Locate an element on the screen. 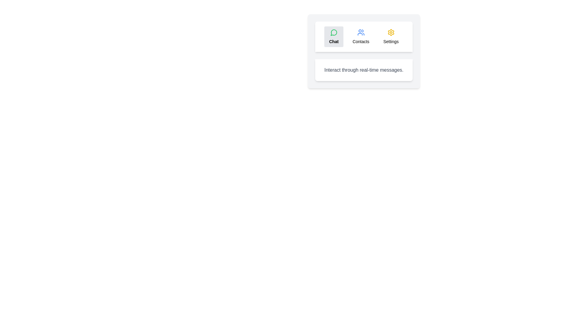  the Chat tab is located at coordinates (333, 36).